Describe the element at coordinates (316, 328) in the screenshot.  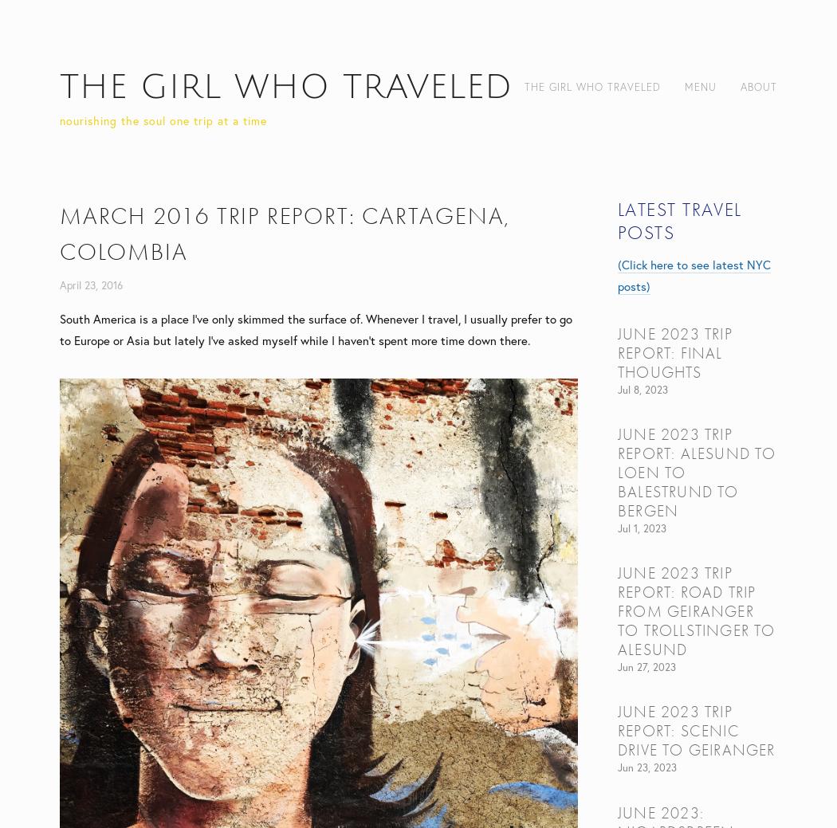
I see `'South America is a place I've only skimmed the surface of. Whenever I travel, I usually prefer to go to Europe or Asia but lately I've asked myself while I haven't spent more time down there.'` at that location.